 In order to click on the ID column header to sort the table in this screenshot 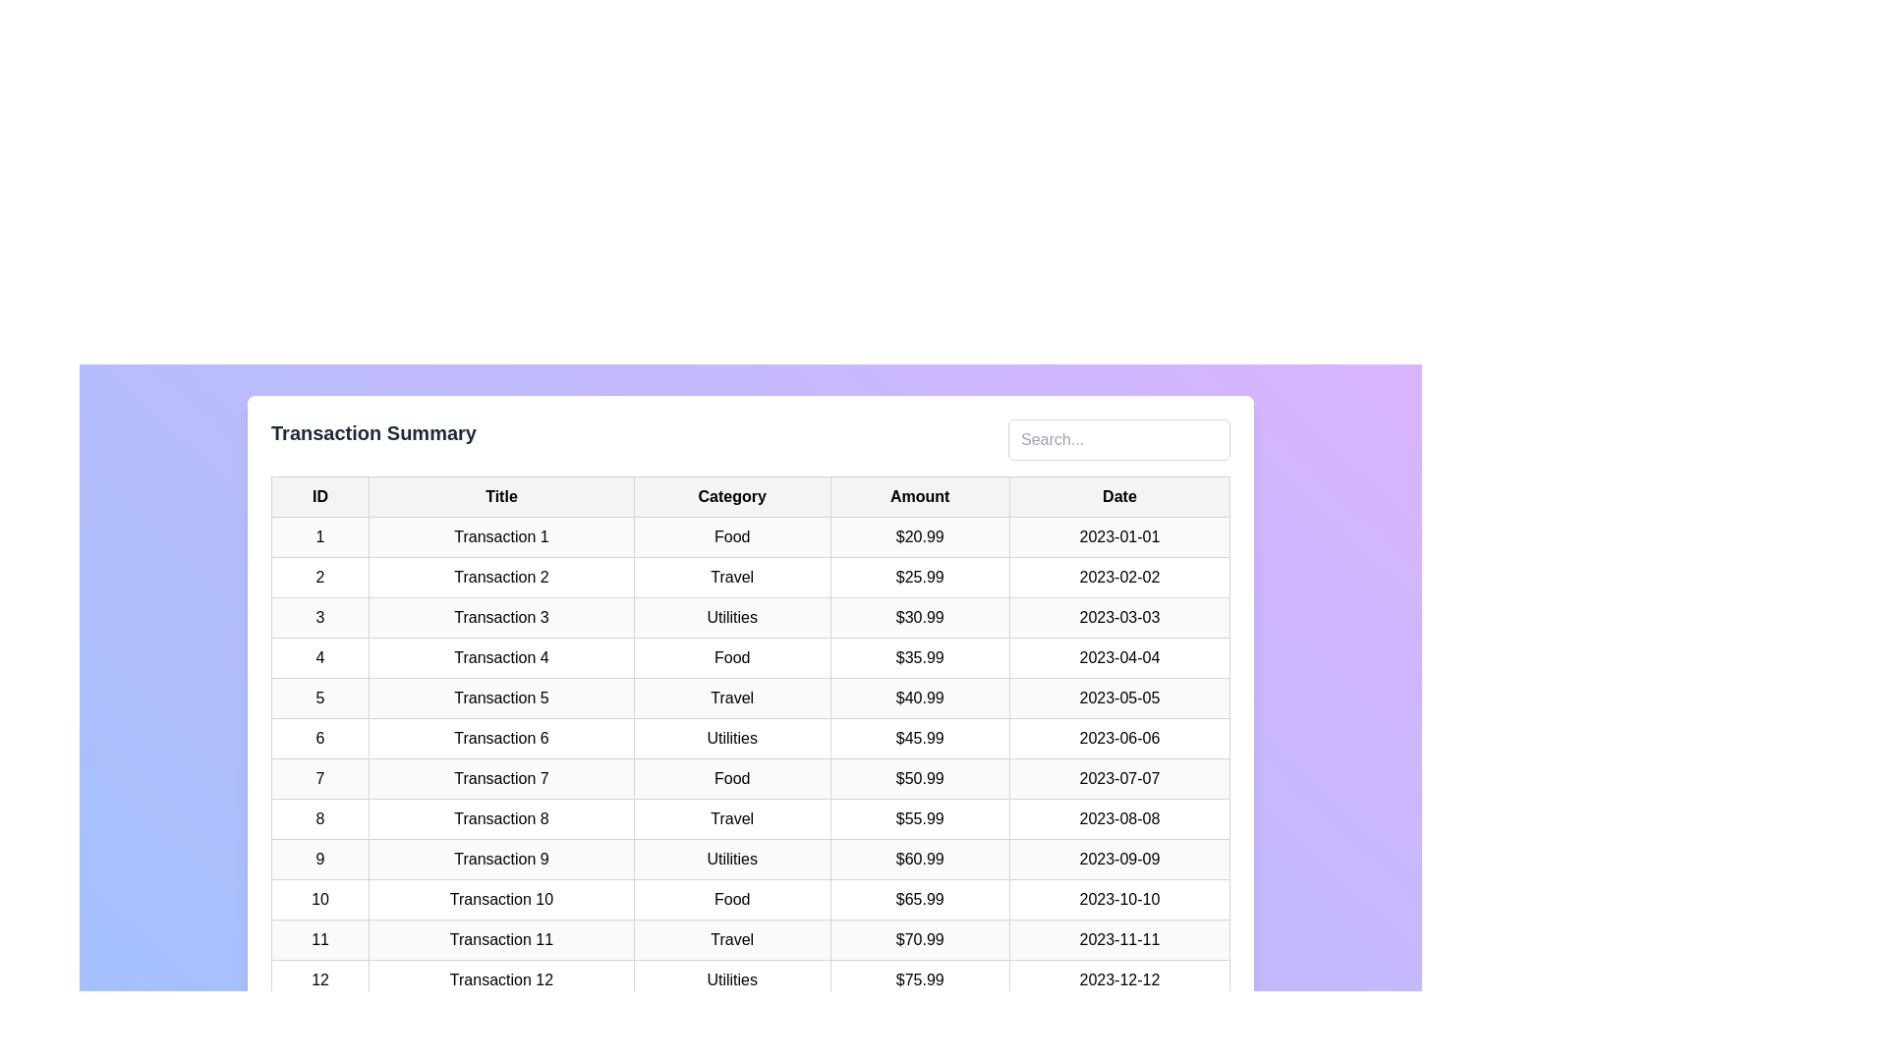, I will do `click(320, 495)`.